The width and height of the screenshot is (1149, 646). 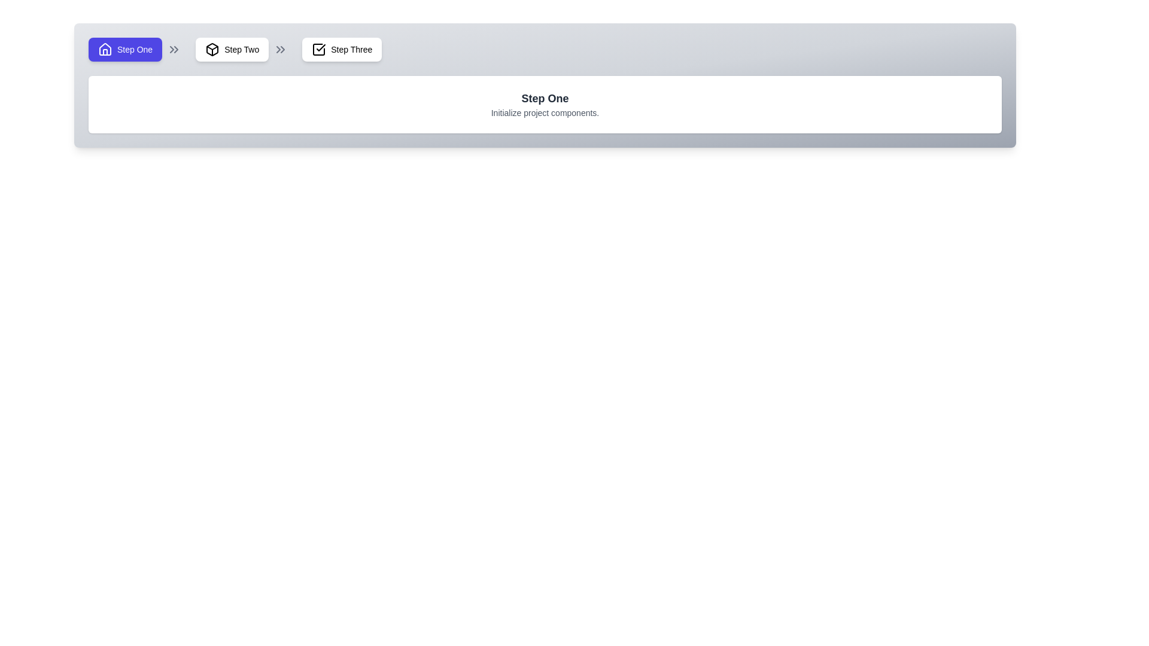 What do you see at coordinates (351, 49) in the screenshot?
I see `the text label 'Step Three' which is centrally displayed within its rectangular button interface` at bounding box center [351, 49].